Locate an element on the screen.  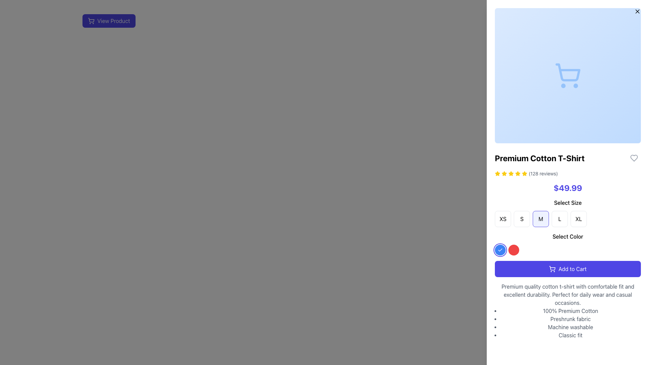
the blue color button in the Interactive Color Selection Module is located at coordinates (568, 244).